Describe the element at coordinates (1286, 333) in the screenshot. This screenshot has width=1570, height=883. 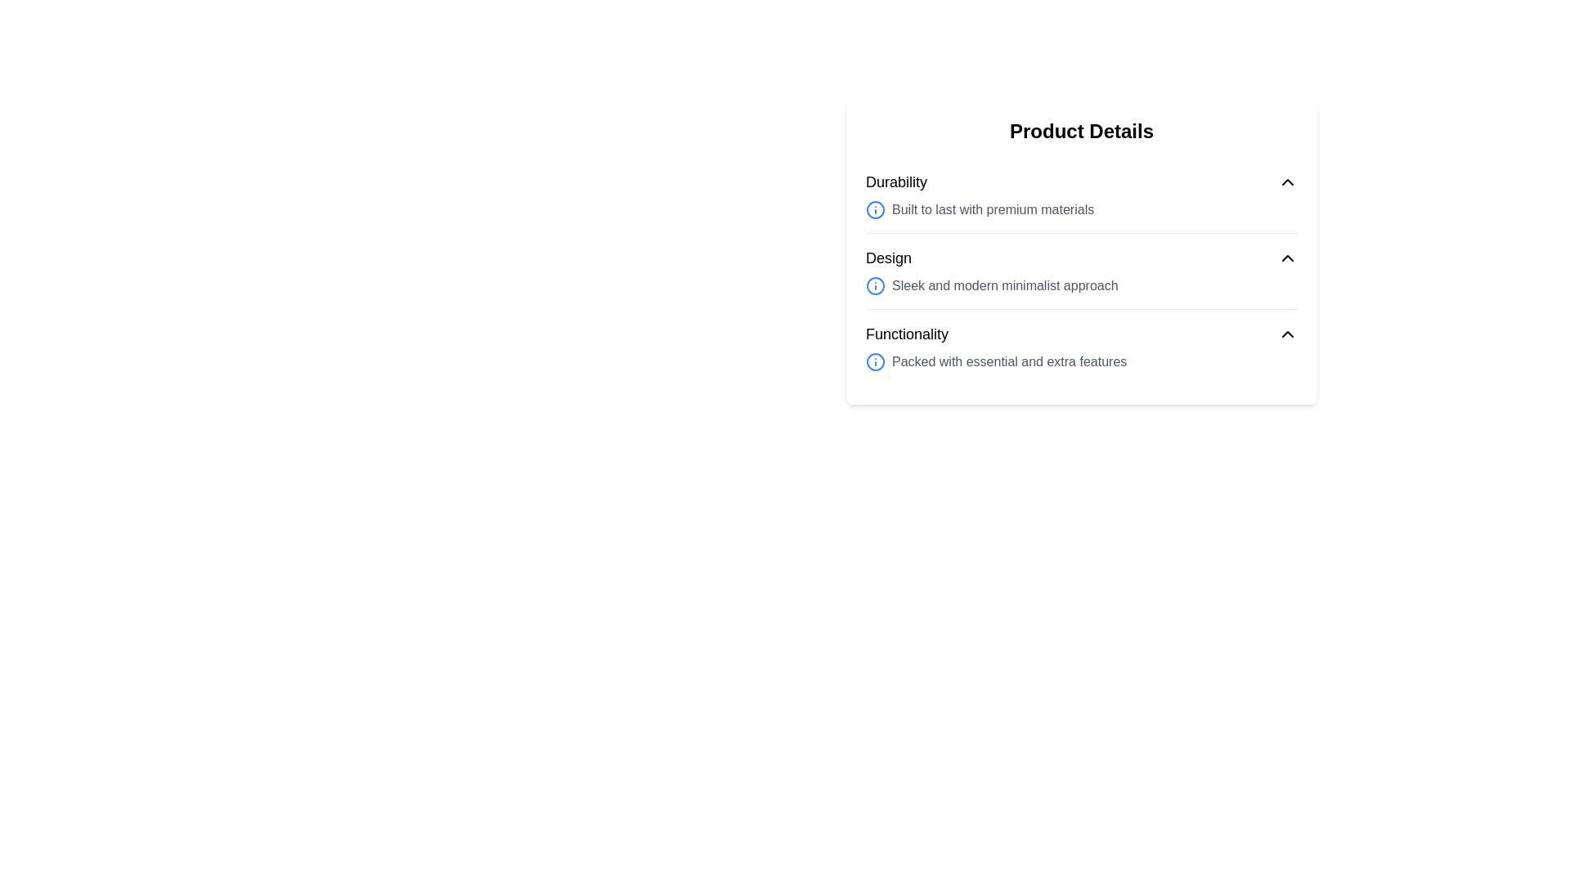
I see `the chevron icon on the far right of the 'Functionality' section` at that location.